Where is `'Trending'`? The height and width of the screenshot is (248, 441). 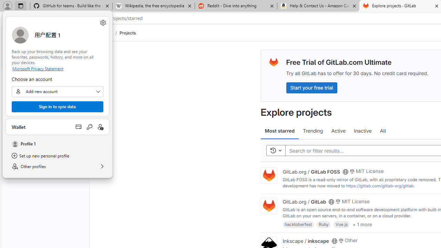
'Trending' is located at coordinates (312, 131).